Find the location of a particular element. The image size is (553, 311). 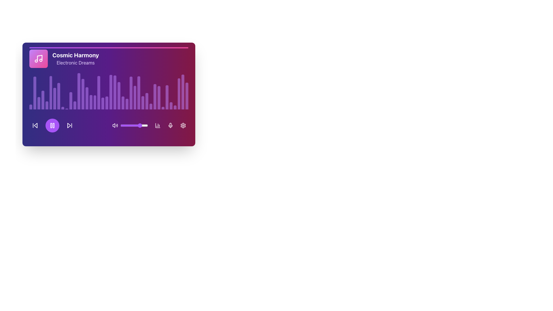

the left vertical bar of the pause icon, which is styled with a rounded corner radius and is located near the bottom left of the panel interface is located at coordinates (51, 125).